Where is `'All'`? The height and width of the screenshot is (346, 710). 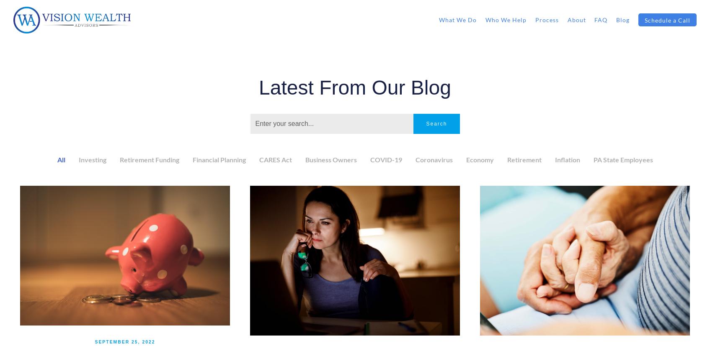
'All' is located at coordinates (61, 159).